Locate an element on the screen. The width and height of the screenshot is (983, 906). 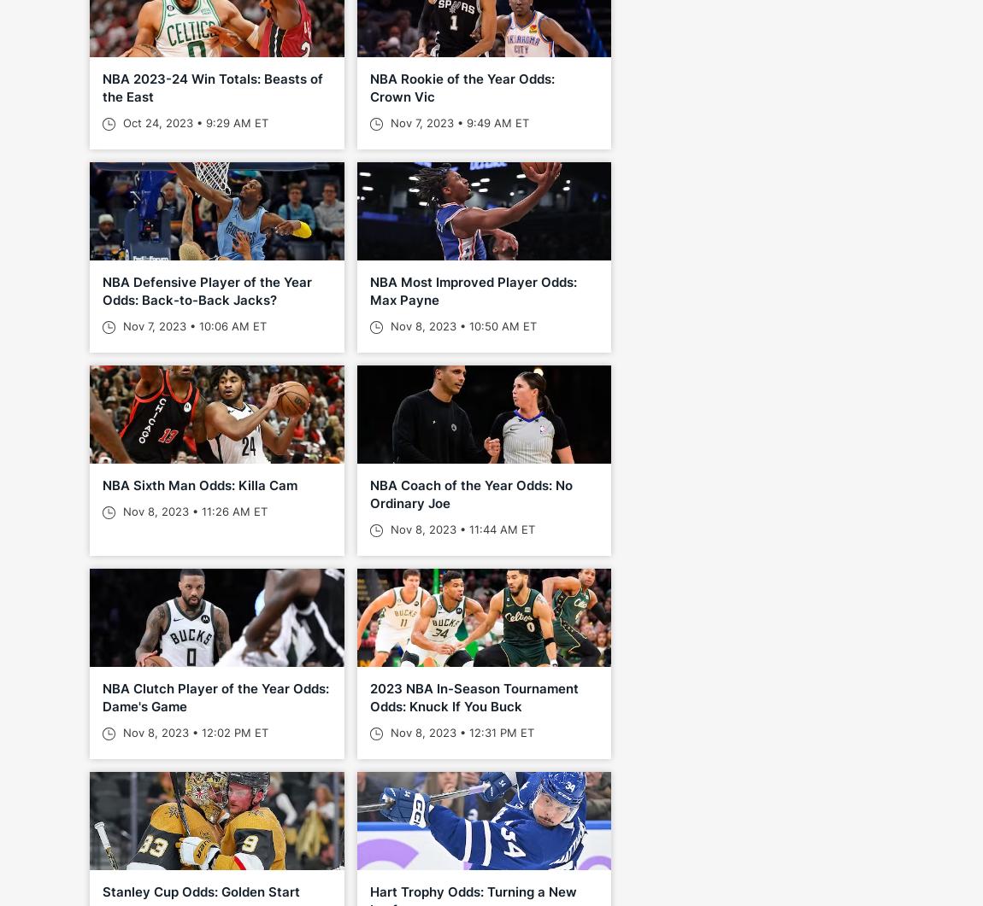
'NBA Sixth Man Odds: Killa Cam' is located at coordinates (101, 484).